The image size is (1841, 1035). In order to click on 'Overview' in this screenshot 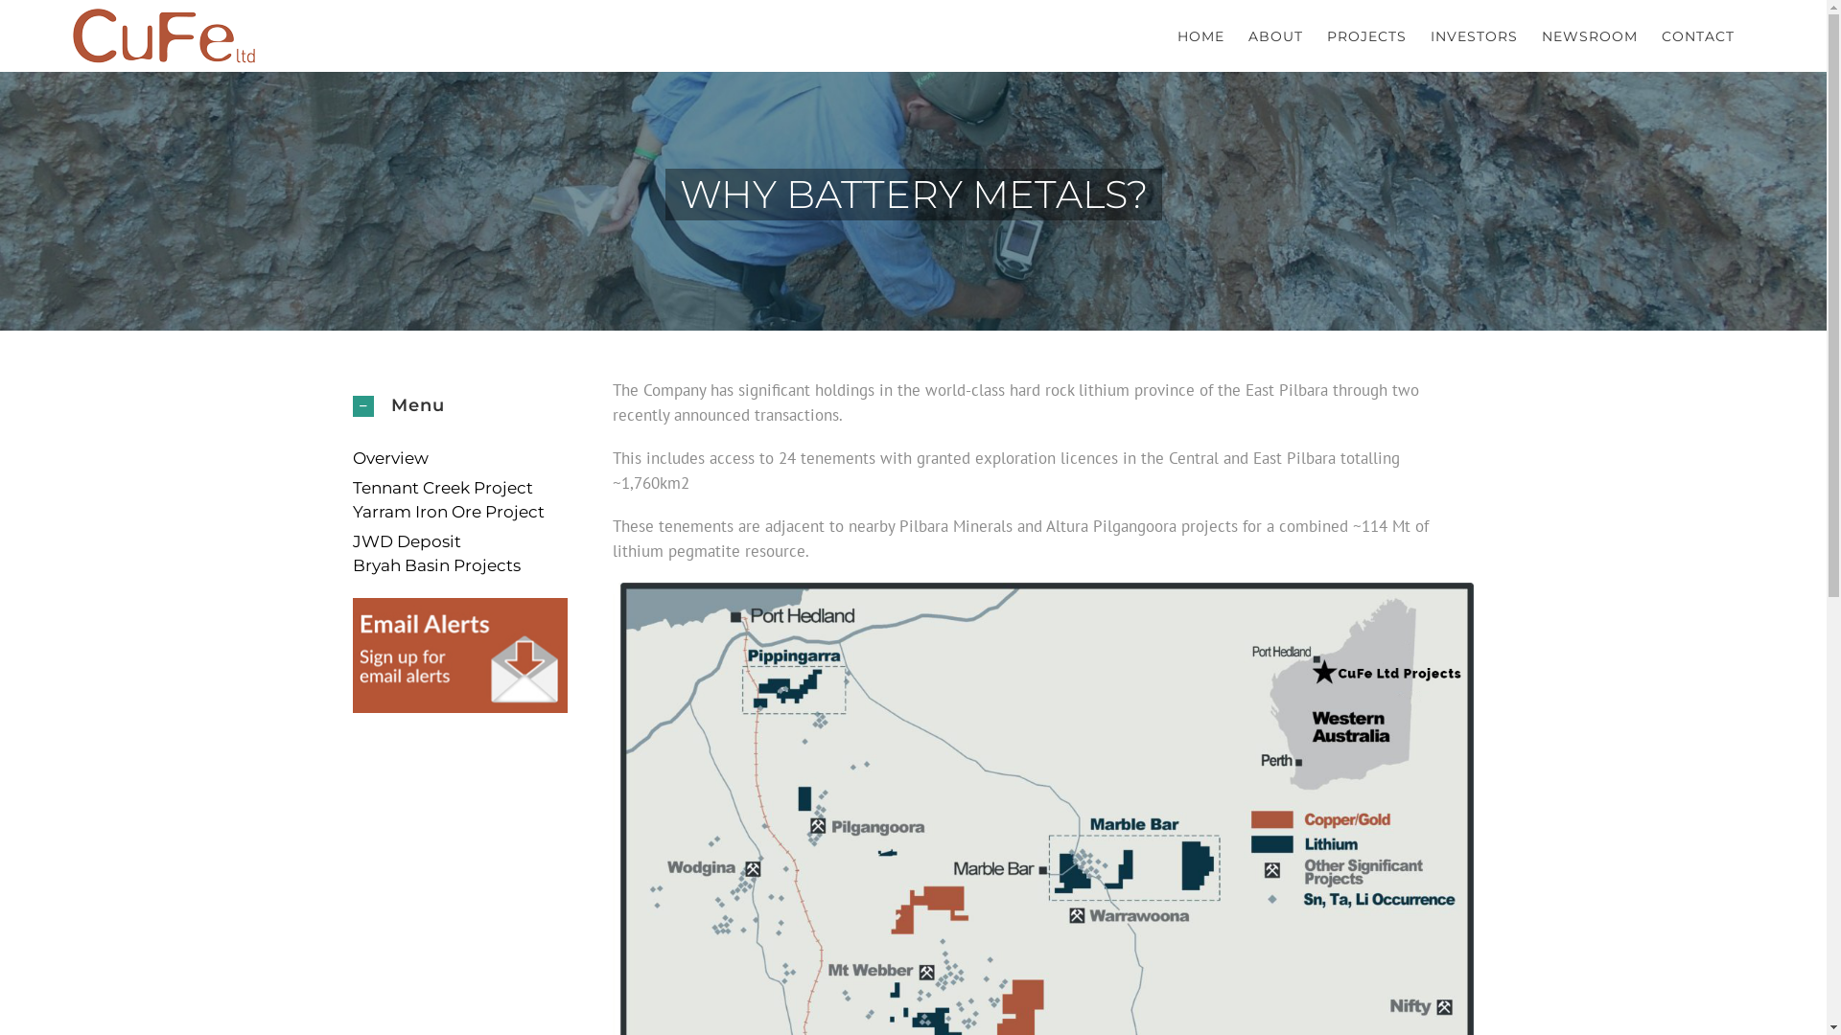, I will do `click(389, 458)`.